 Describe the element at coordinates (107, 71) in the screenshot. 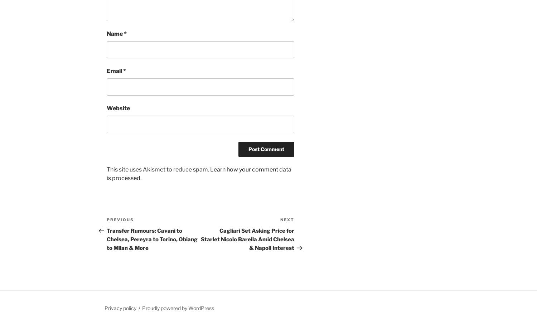

I see `'Email'` at that location.